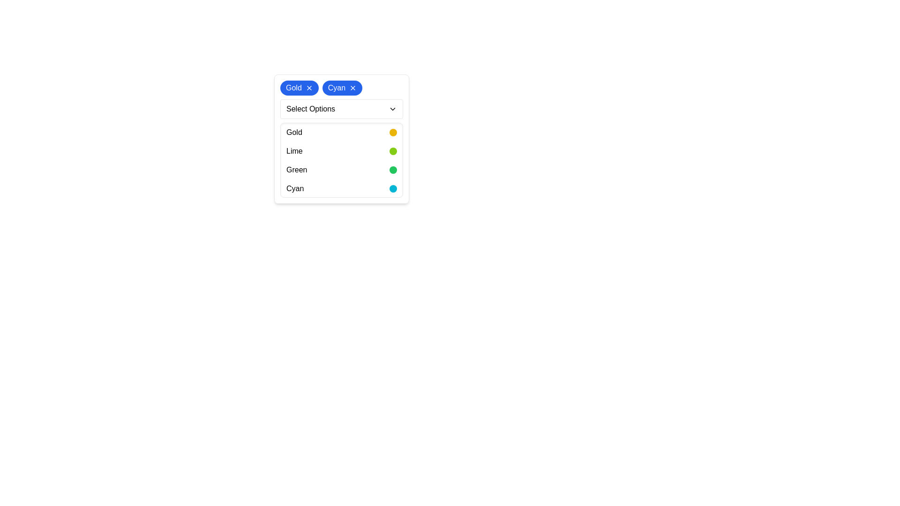  Describe the element at coordinates (341, 139) in the screenshot. I see `the dropdown menu within the selection interface that contains tags, a dropdown menu, and list items, which is centrally positioned in the interface` at that location.